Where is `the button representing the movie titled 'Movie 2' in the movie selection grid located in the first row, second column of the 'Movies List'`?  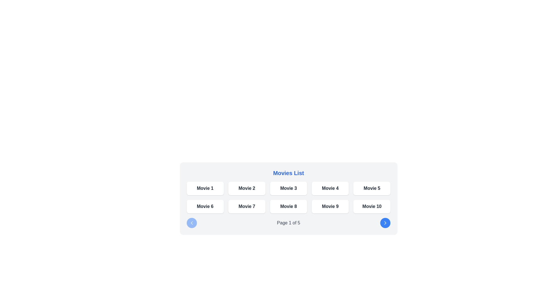 the button representing the movie titled 'Movie 2' in the movie selection grid located in the first row, second column of the 'Movies List' is located at coordinates (247, 188).